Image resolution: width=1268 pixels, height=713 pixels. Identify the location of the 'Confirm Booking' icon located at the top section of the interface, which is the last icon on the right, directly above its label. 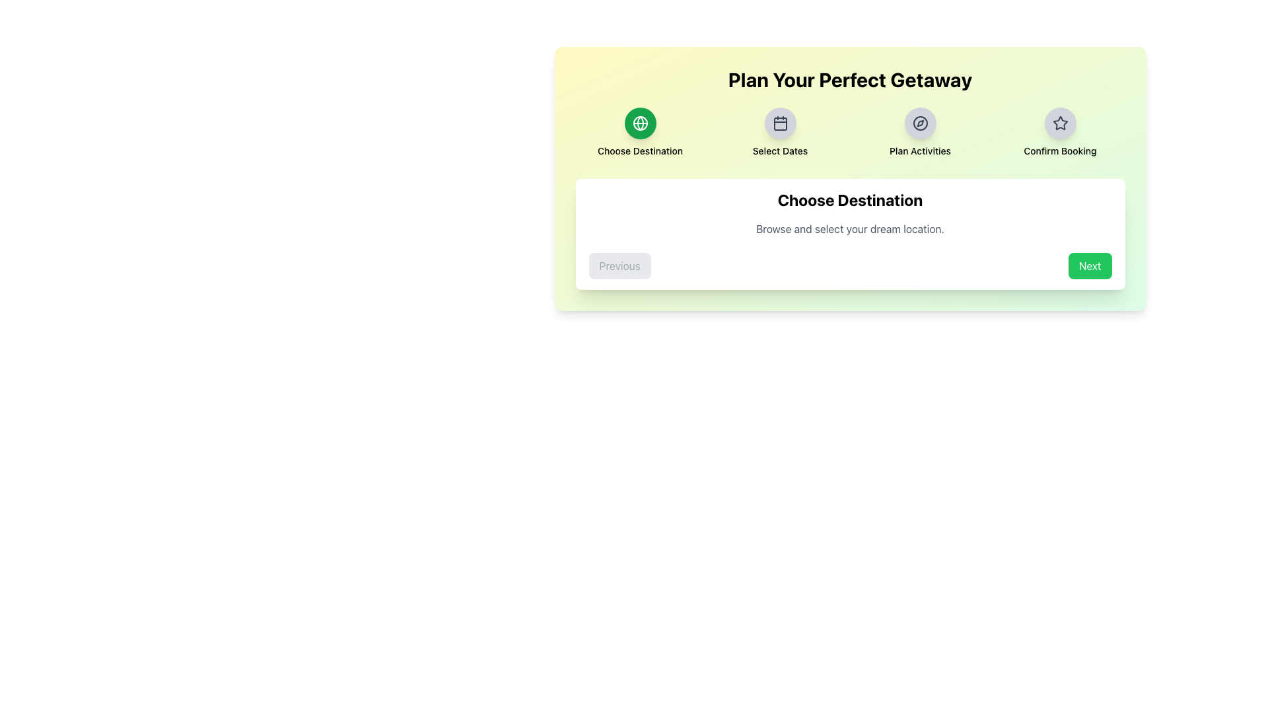
(1060, 123).